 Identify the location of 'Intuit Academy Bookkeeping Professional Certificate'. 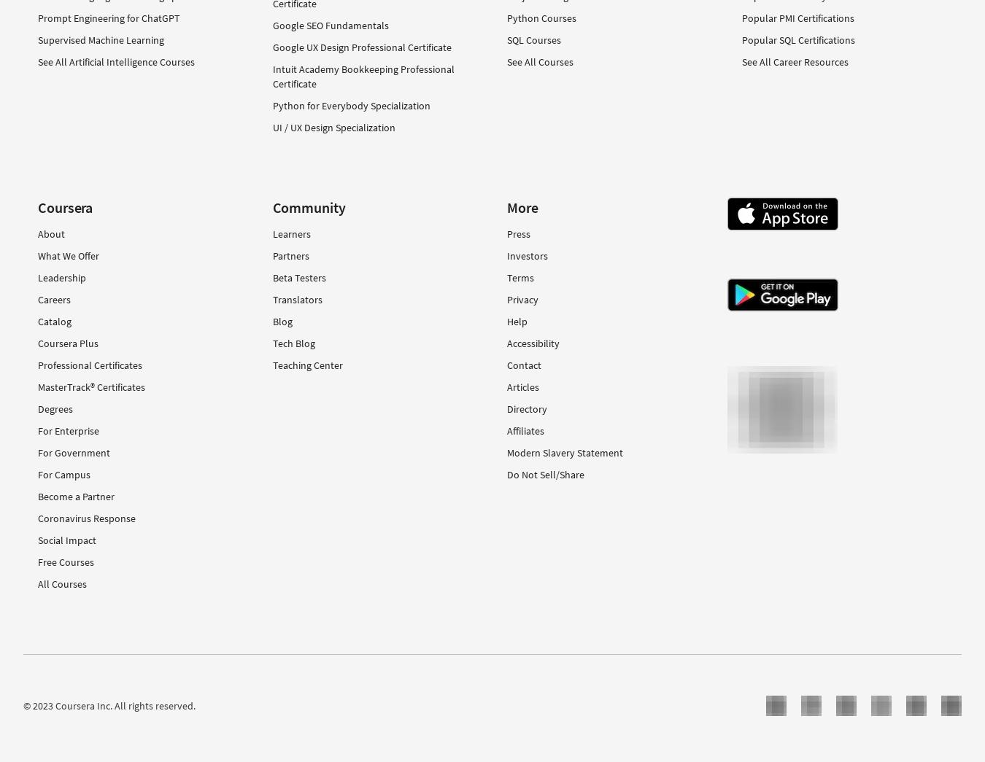
(272, 75).